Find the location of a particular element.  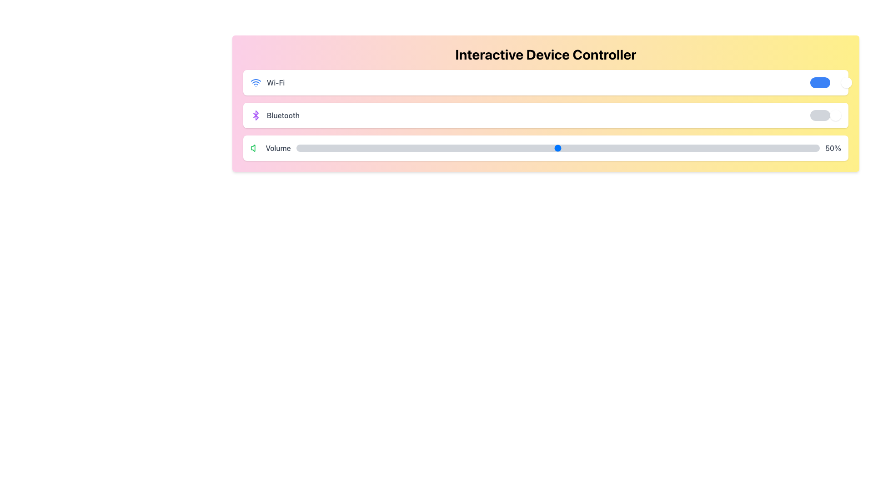

the Bluetooth toggleable list item is located at coordinates (546, 115).